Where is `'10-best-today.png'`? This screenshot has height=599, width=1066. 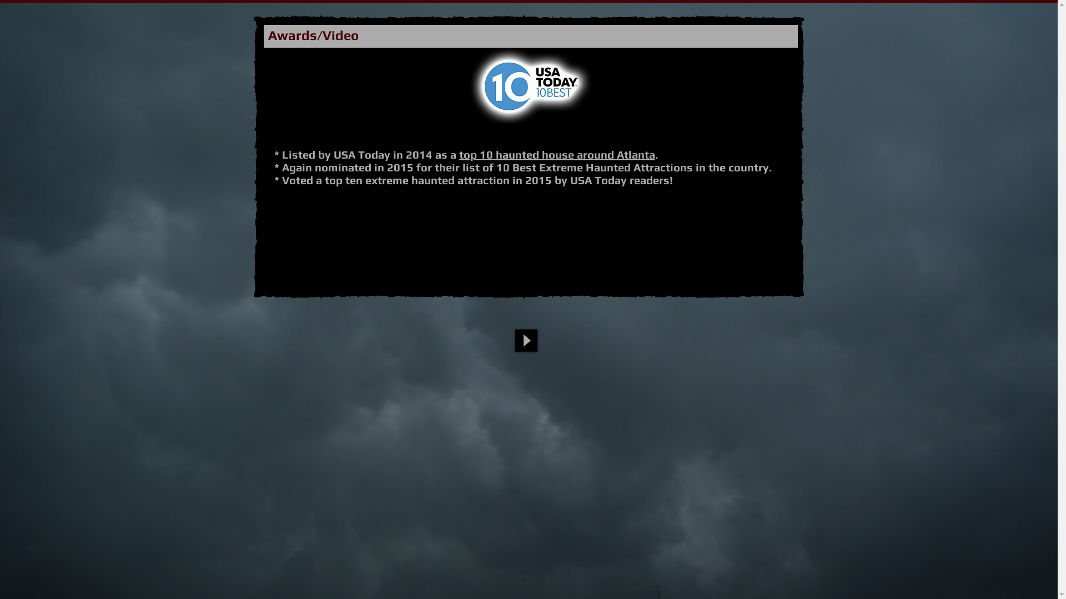 '10-best-today.png' is located at coordinates (530, 85).